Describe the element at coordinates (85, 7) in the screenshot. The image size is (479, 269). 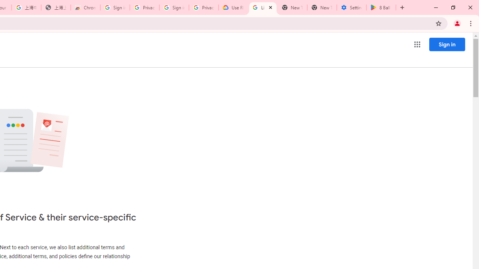
I see `'Chrome Web Store - Color themes by Chrome'` at that location.